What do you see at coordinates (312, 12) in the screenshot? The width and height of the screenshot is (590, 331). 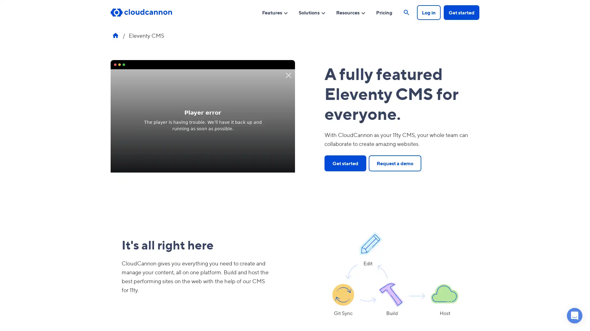 I see `Solutions` at bounding box center [312, 12].